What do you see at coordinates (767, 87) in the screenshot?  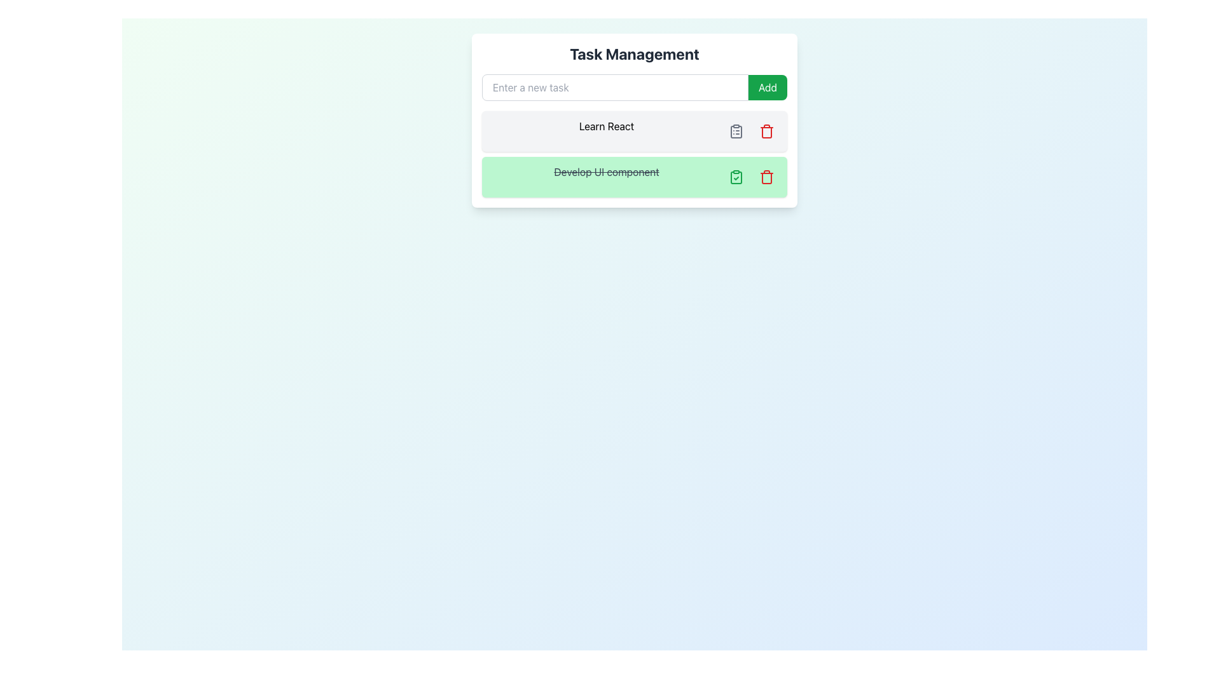 I see `keyboard navigation` at bounding box center [767, 87].